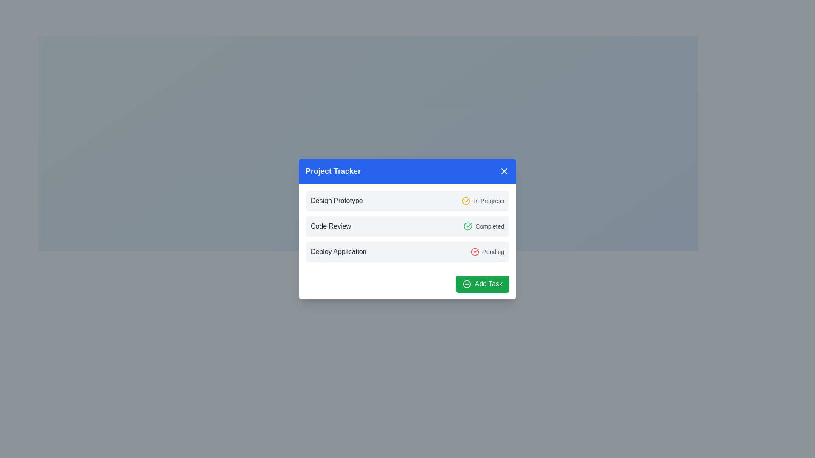 The image size is (815, 458). I want to click on the text label indicating the status of the task named 'Deploy Application', located in the third row of the project task list and positioned to the right of a red circular icon, so click(493, 251).